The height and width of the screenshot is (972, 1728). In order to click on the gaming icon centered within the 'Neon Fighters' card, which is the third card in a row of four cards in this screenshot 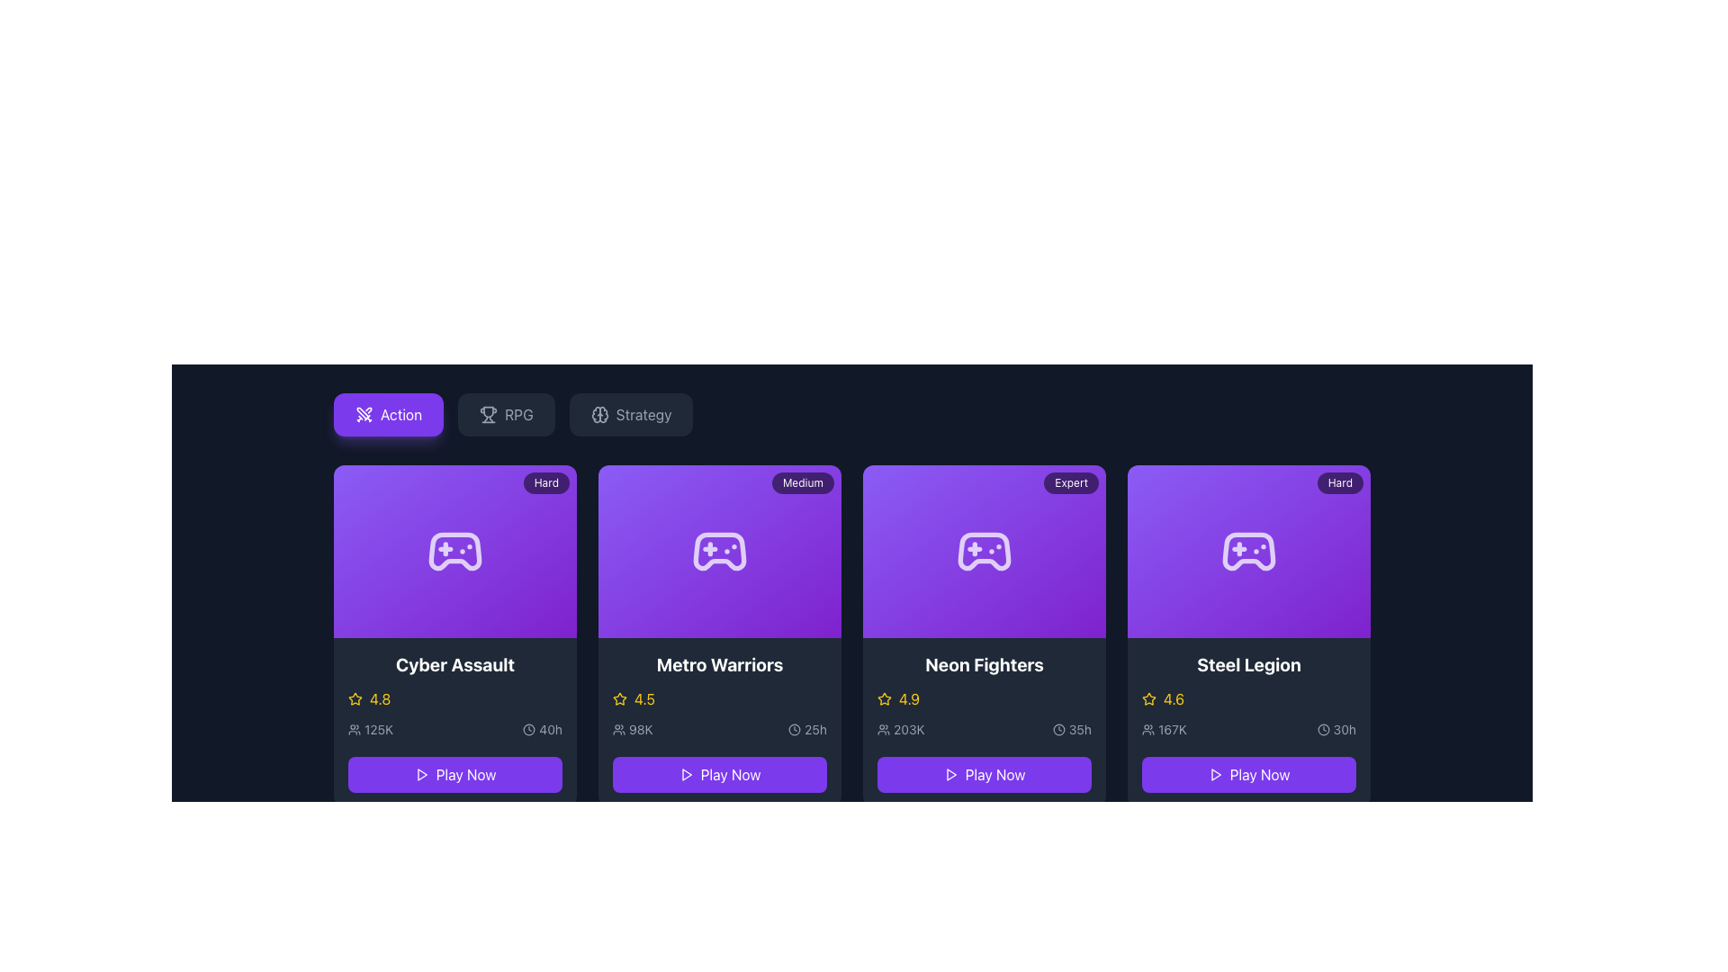, I will do `click(984, 551)`.